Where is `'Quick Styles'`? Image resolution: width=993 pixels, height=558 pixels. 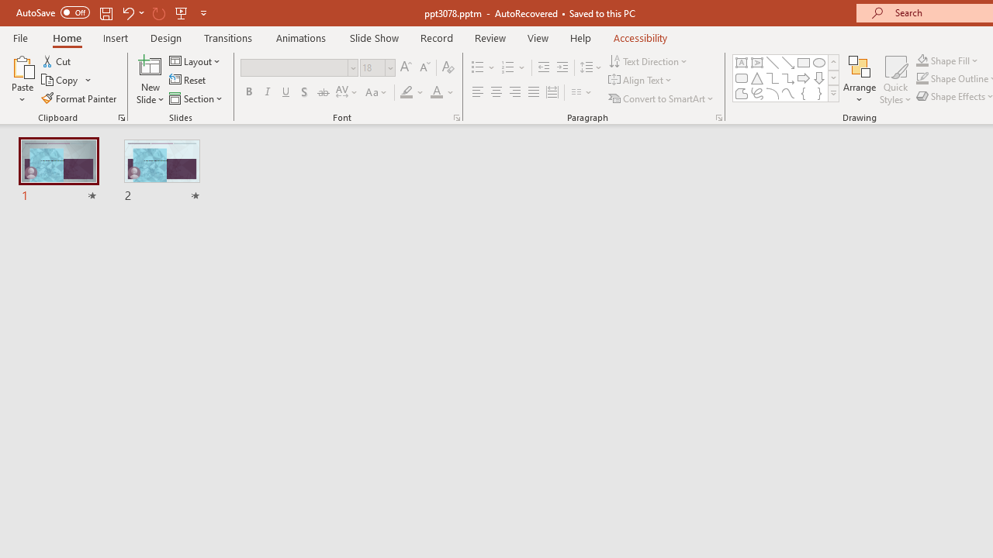 'Quick Styles' is located at coordinates (895, 80).